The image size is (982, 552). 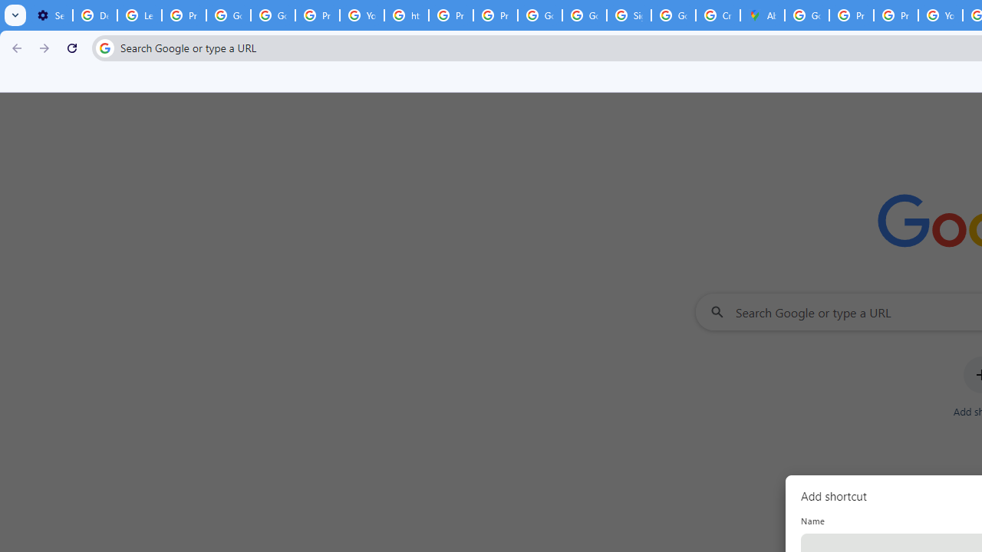 I want to click on 'Settings - On startup', so click(x=50, y=15).